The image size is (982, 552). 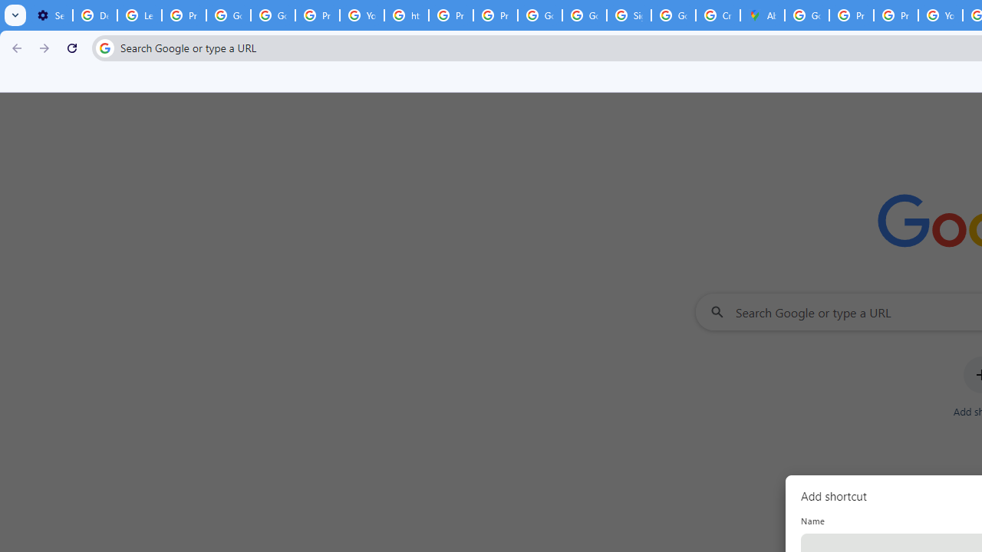 I want to click on 'Settings - On startup', so click(x=50, y=15).